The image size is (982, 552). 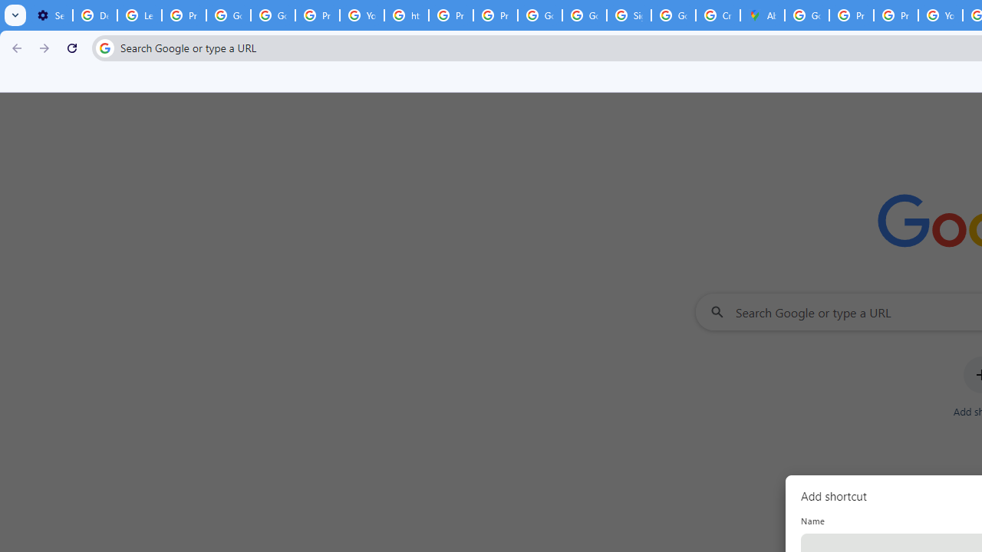 I want to click on 'Settings - On startup', so click(x=50, y=15).